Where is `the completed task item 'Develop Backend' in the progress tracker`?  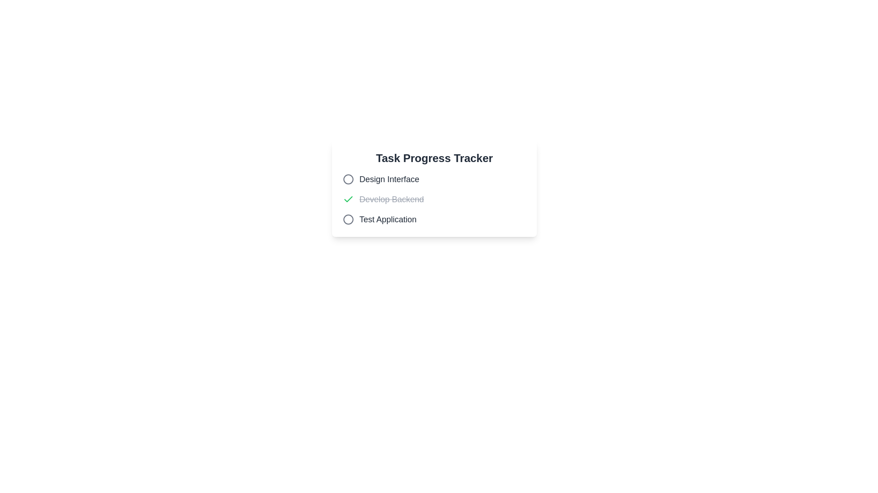 the completed task item 'Develop Backend' in the progress tracker is located at coordinates (434, 199).